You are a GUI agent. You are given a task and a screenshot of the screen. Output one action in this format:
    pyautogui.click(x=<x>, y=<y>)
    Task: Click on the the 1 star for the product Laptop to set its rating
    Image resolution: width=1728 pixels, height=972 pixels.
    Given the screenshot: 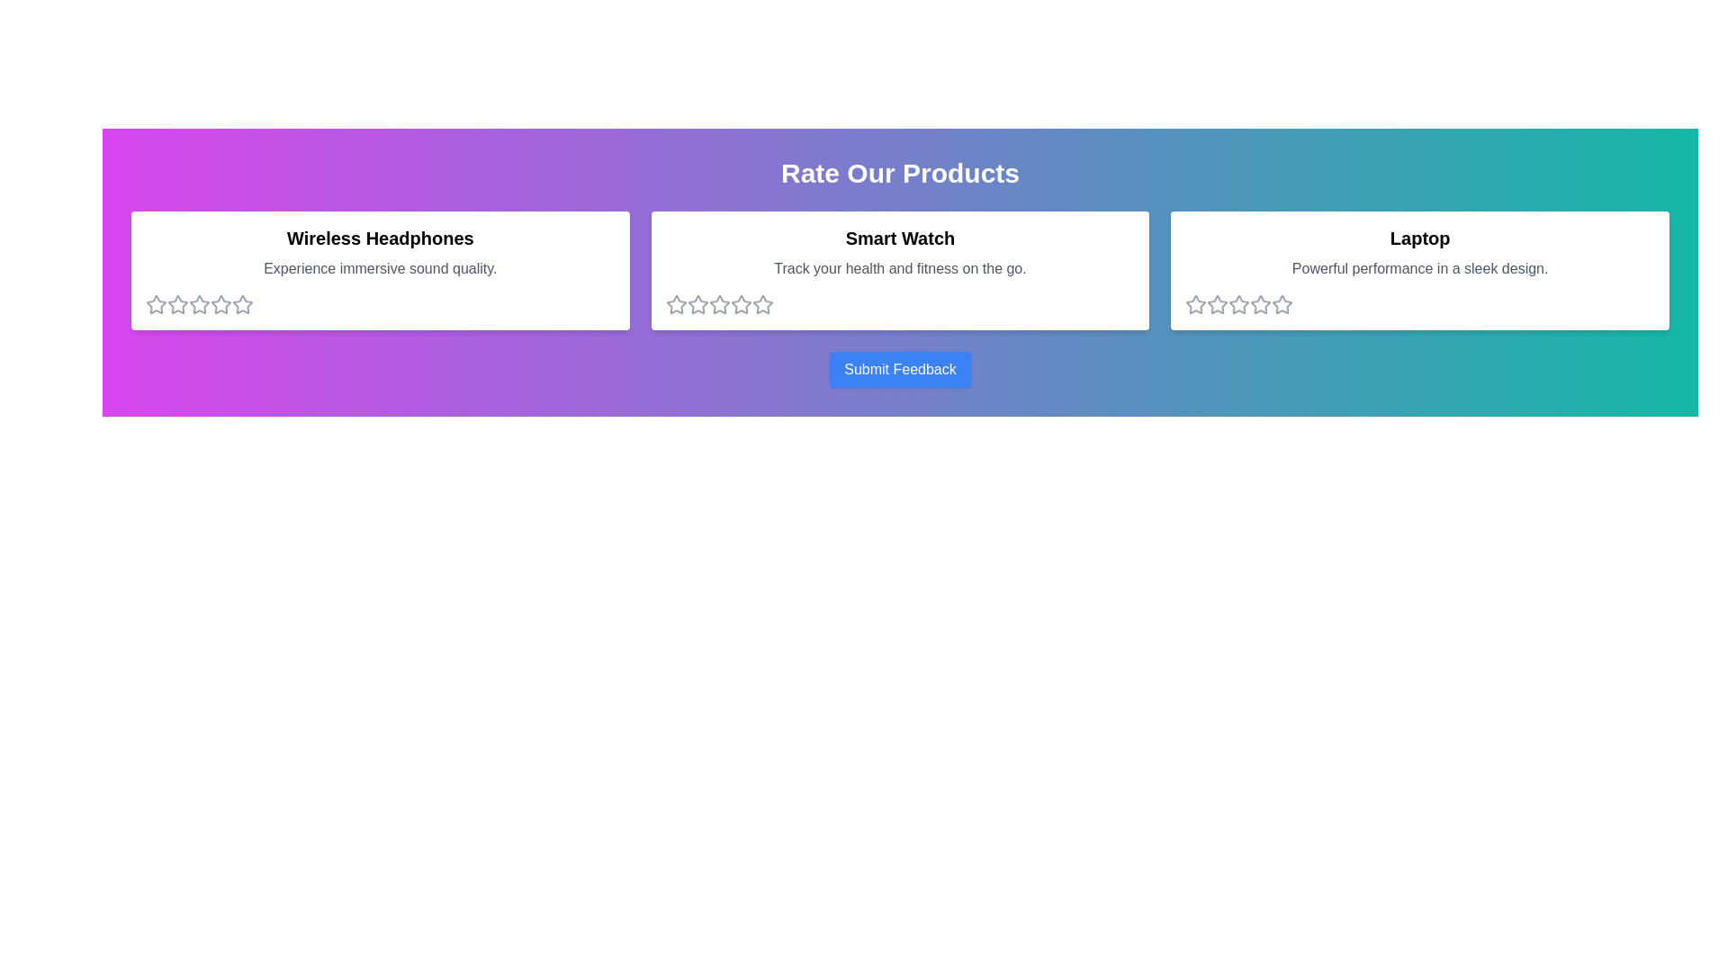 What is the action you would take?
    pyautogui.click(x=1196, y=304)
    